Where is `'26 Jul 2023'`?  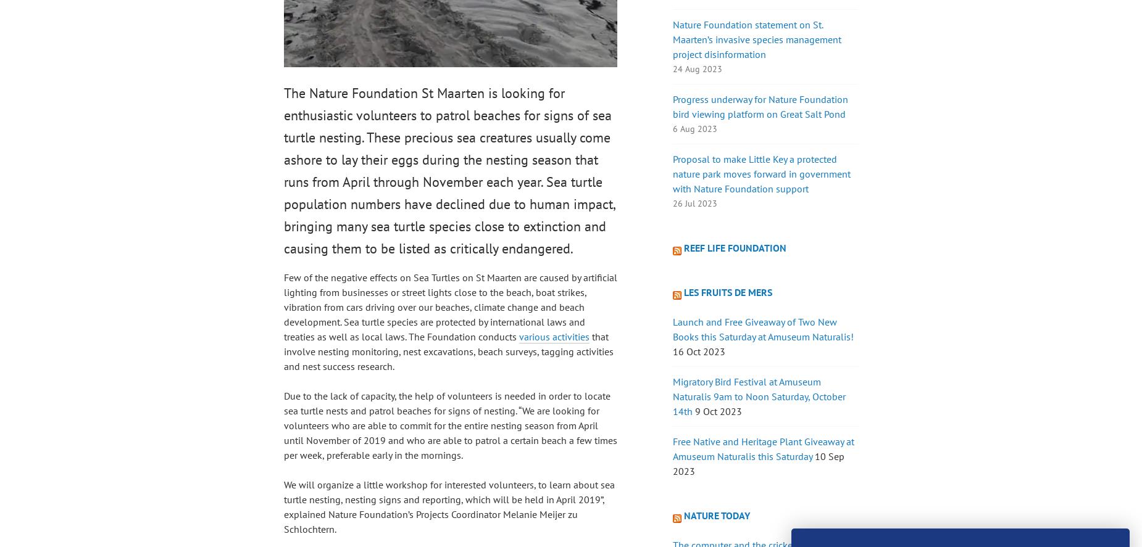
'26 Jul 2023' is located at coordinates (694, 203).